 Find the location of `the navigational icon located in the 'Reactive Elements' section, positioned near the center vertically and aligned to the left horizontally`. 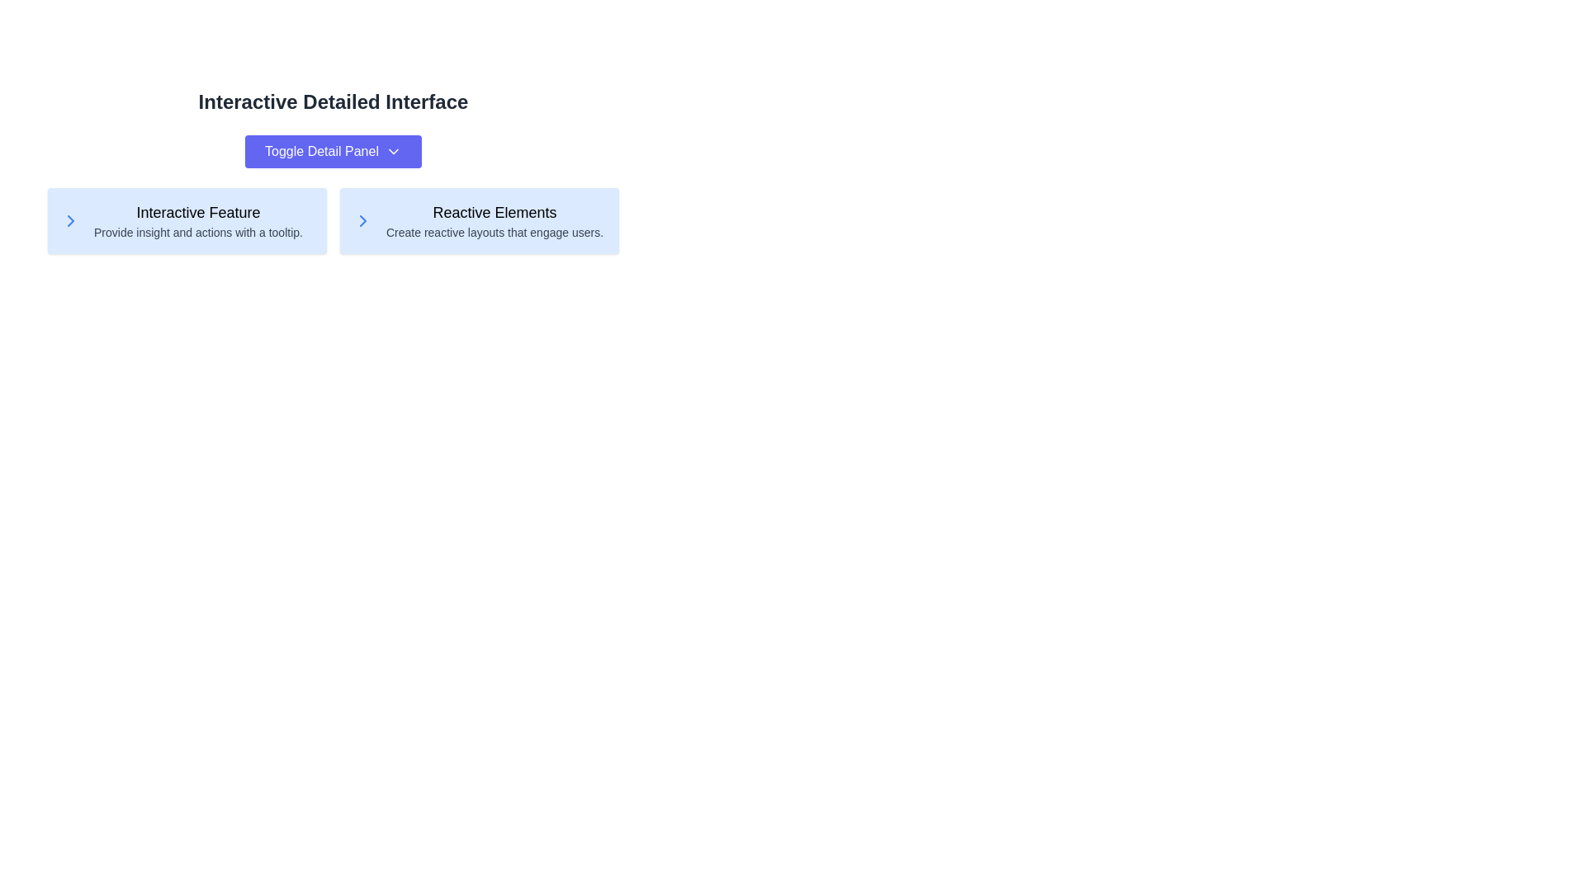

the navigational icon located in the 'Reactive Elements' section, positioned near the center vertically and aligned to the left horizontally is located at coordinates (362, 219).